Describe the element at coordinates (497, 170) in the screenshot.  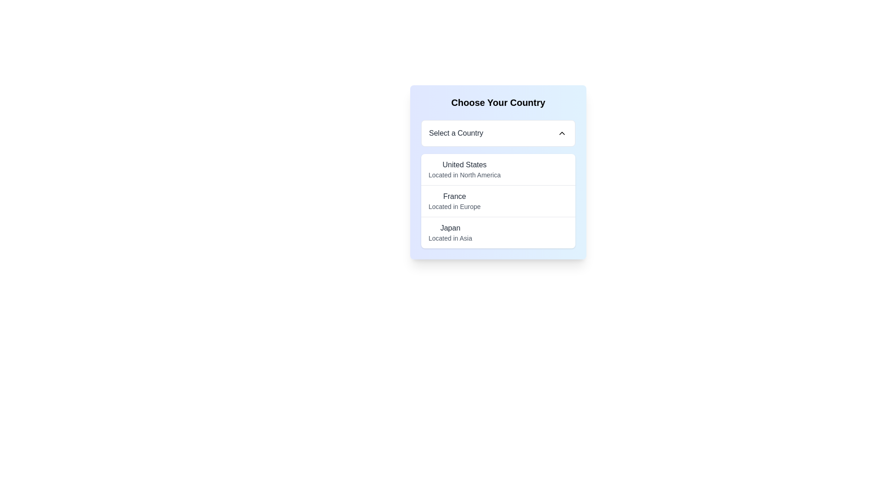
I see `the list item labeled 'United States'` at that location.